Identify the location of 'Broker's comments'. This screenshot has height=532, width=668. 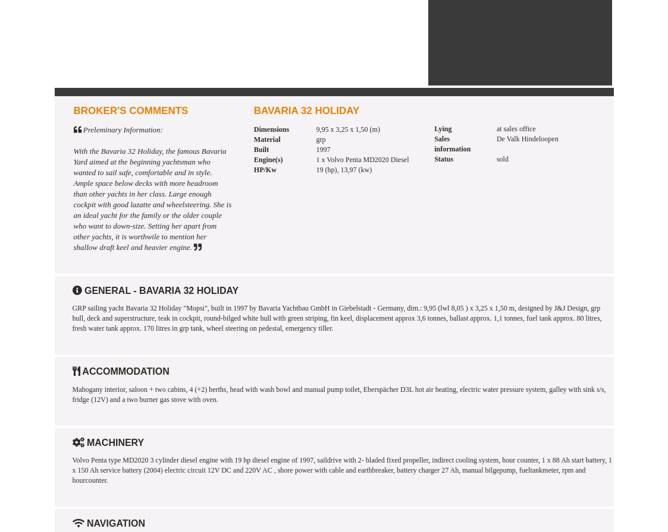
(72, 110).